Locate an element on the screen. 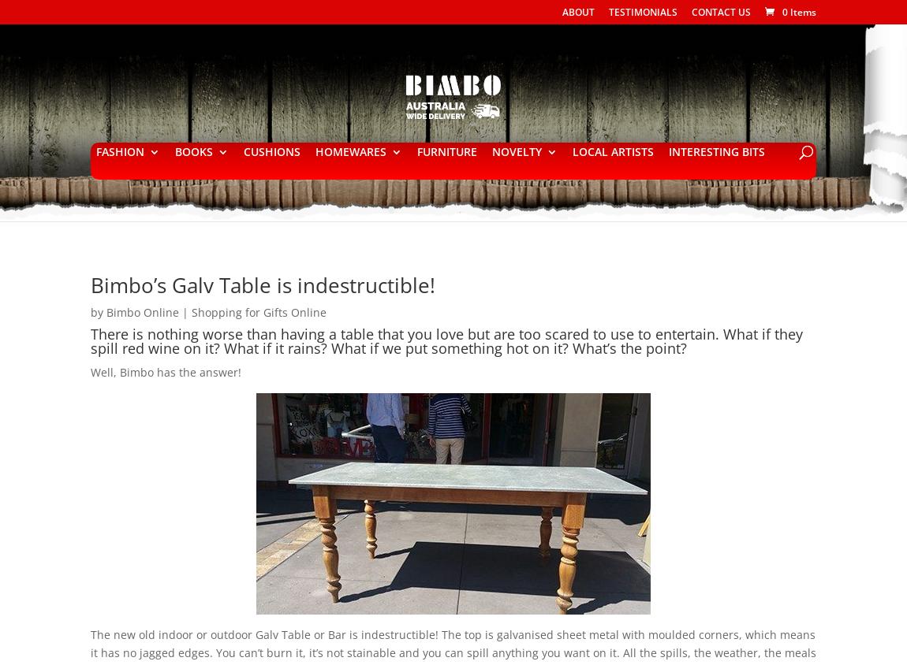  'EARRINGS' is located at coordinates (343, 338).